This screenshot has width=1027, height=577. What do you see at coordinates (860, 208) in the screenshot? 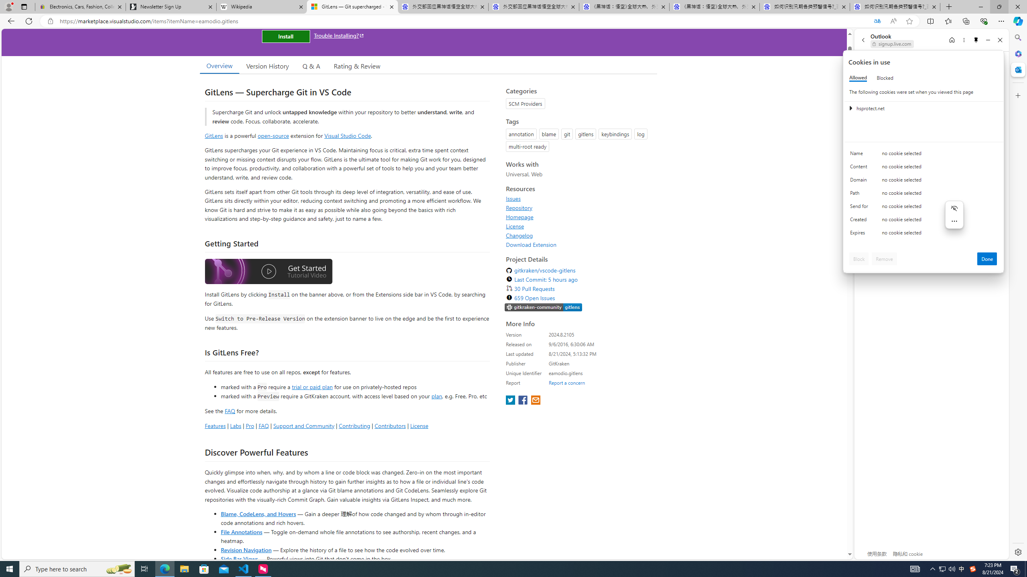
I see `'Send for'` at bounding box center [860, 208].